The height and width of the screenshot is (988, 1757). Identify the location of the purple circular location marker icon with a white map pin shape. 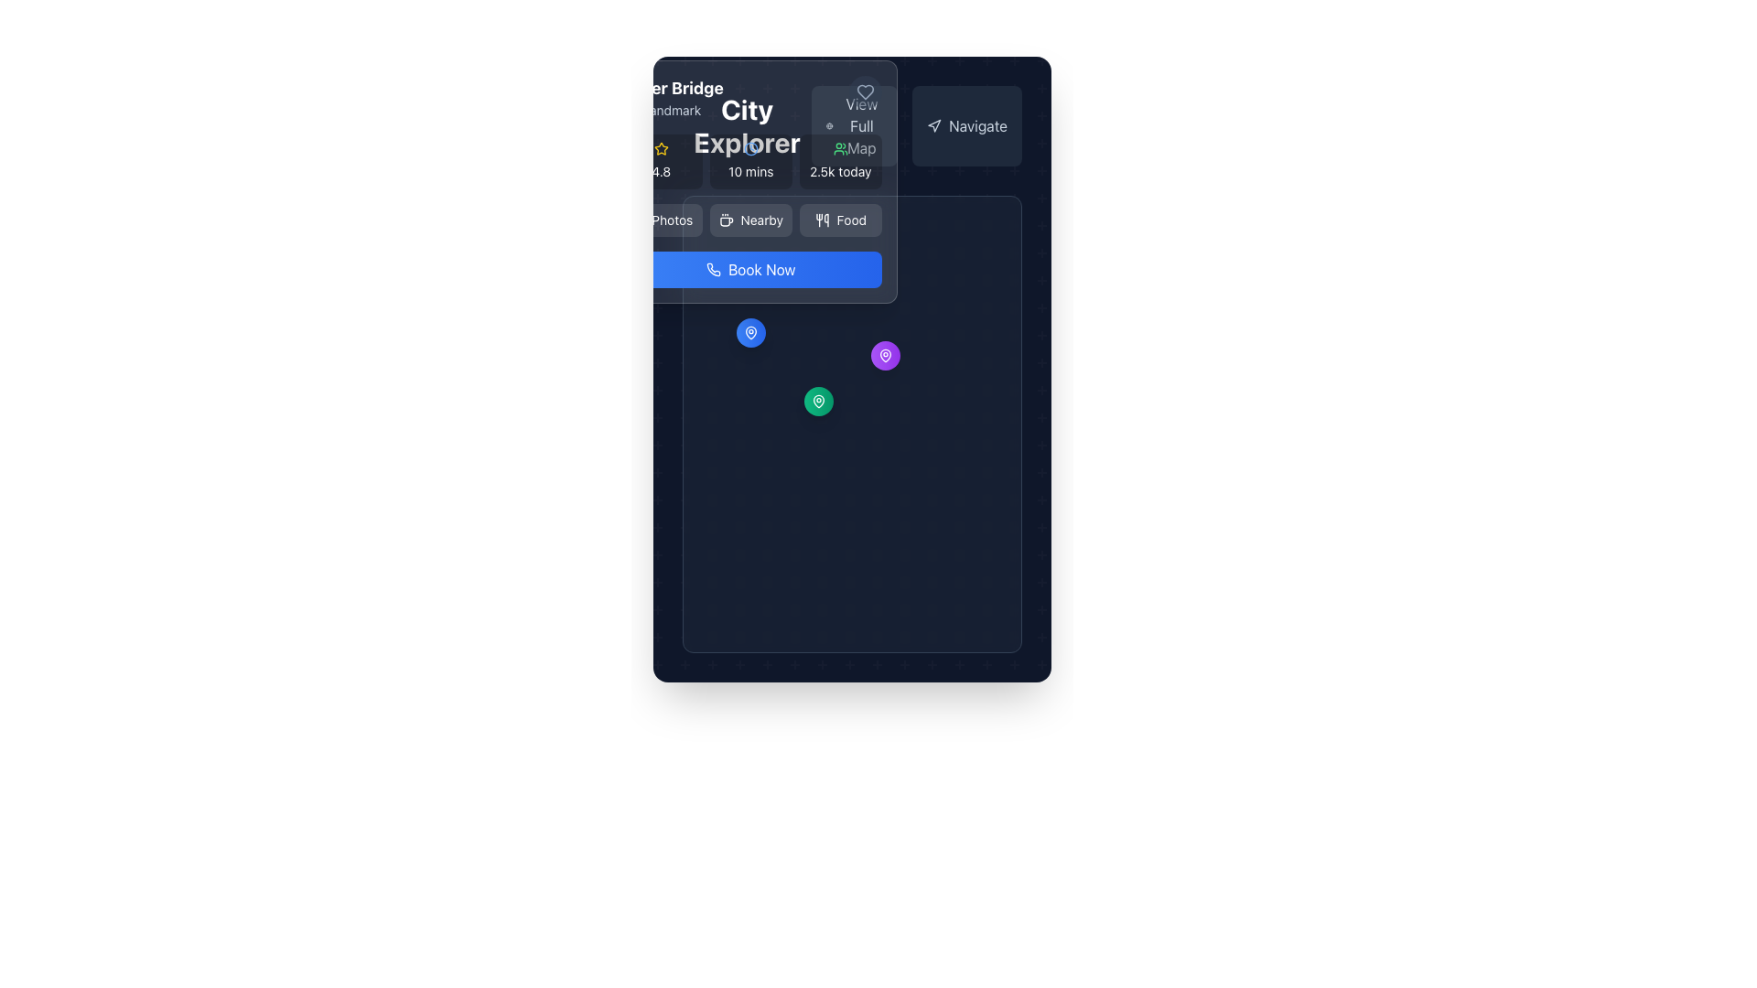
(886, 356).